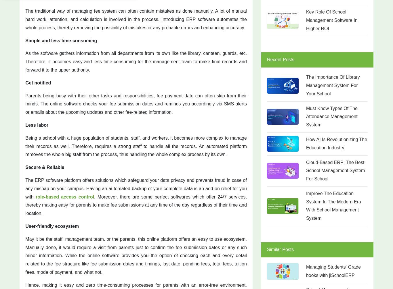 This screenshot has width=393, height=289. Describe the element at coordinates (136, 205) in the screenshot. I see `'. Moreover, there are some perfect softwares which offer 24/7 services, thereby making easy for parents to make fee submissions at any time of the day regardless of their time and location.'` at that location.